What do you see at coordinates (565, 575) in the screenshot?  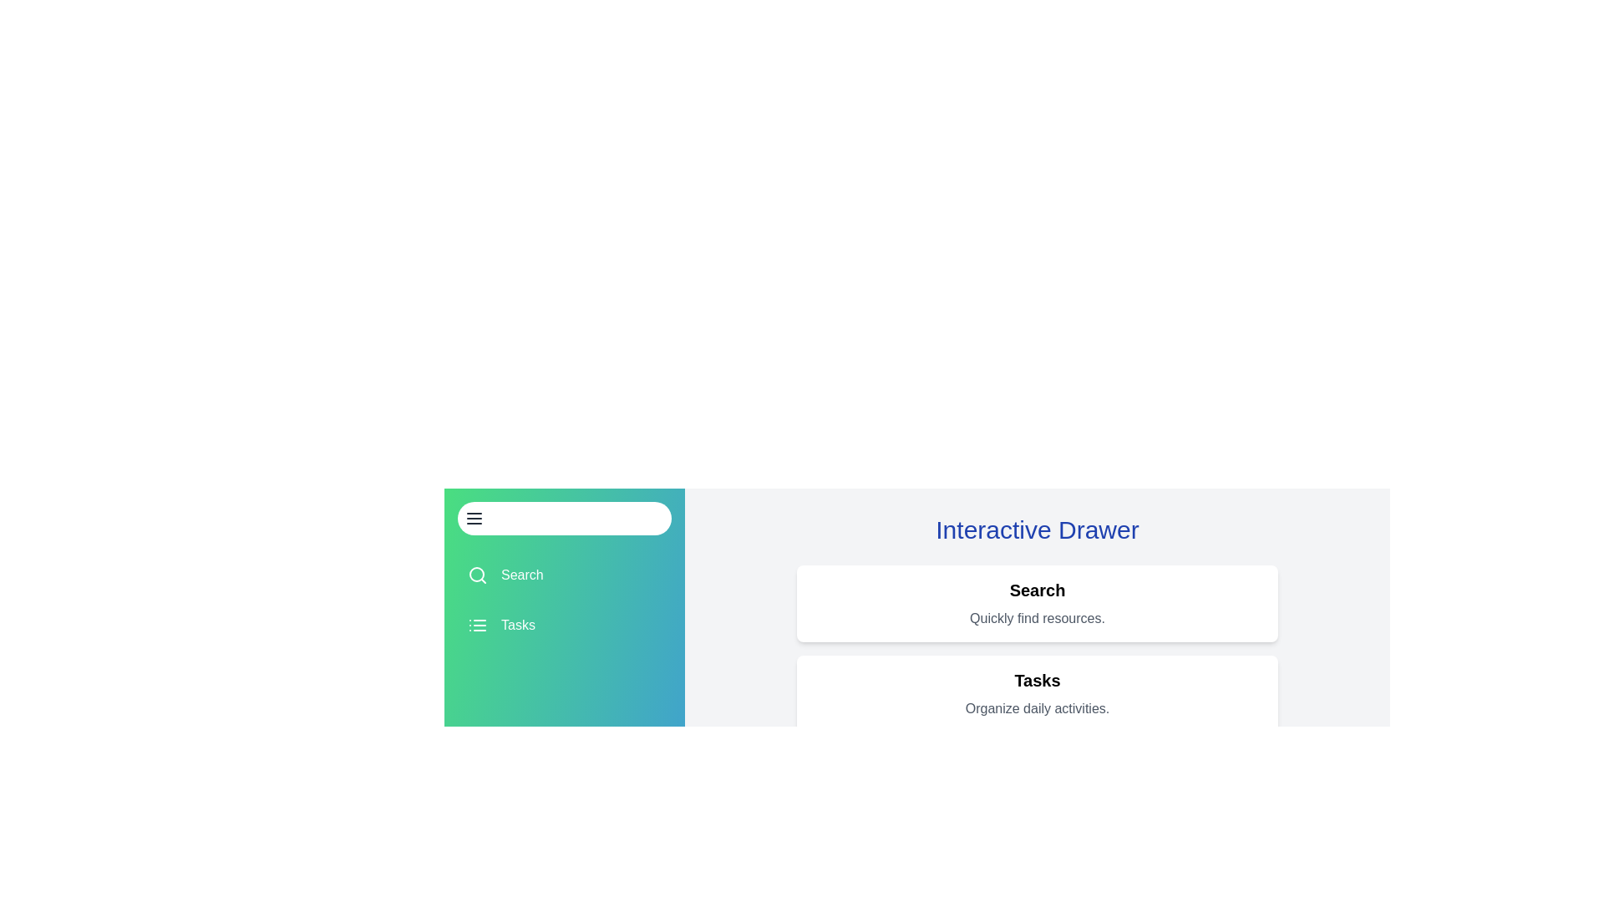 I see `the drawer item Search to view its details` at bounding box center [565, 575].